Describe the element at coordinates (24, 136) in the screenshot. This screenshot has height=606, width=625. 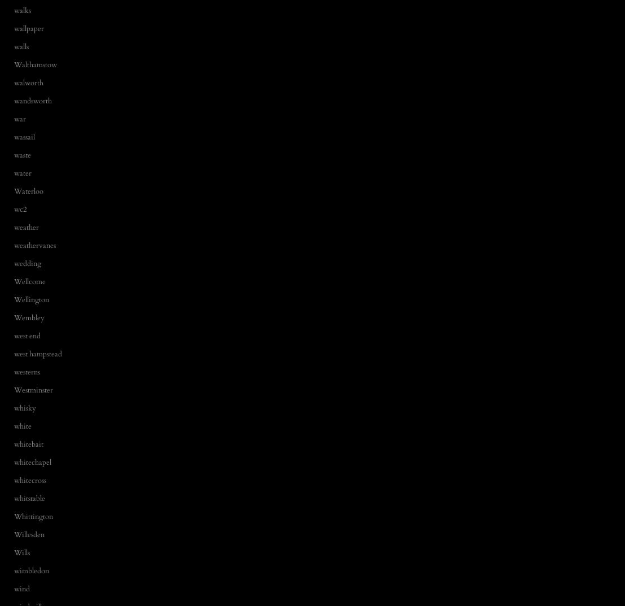
I see `'wassail'` at that location.